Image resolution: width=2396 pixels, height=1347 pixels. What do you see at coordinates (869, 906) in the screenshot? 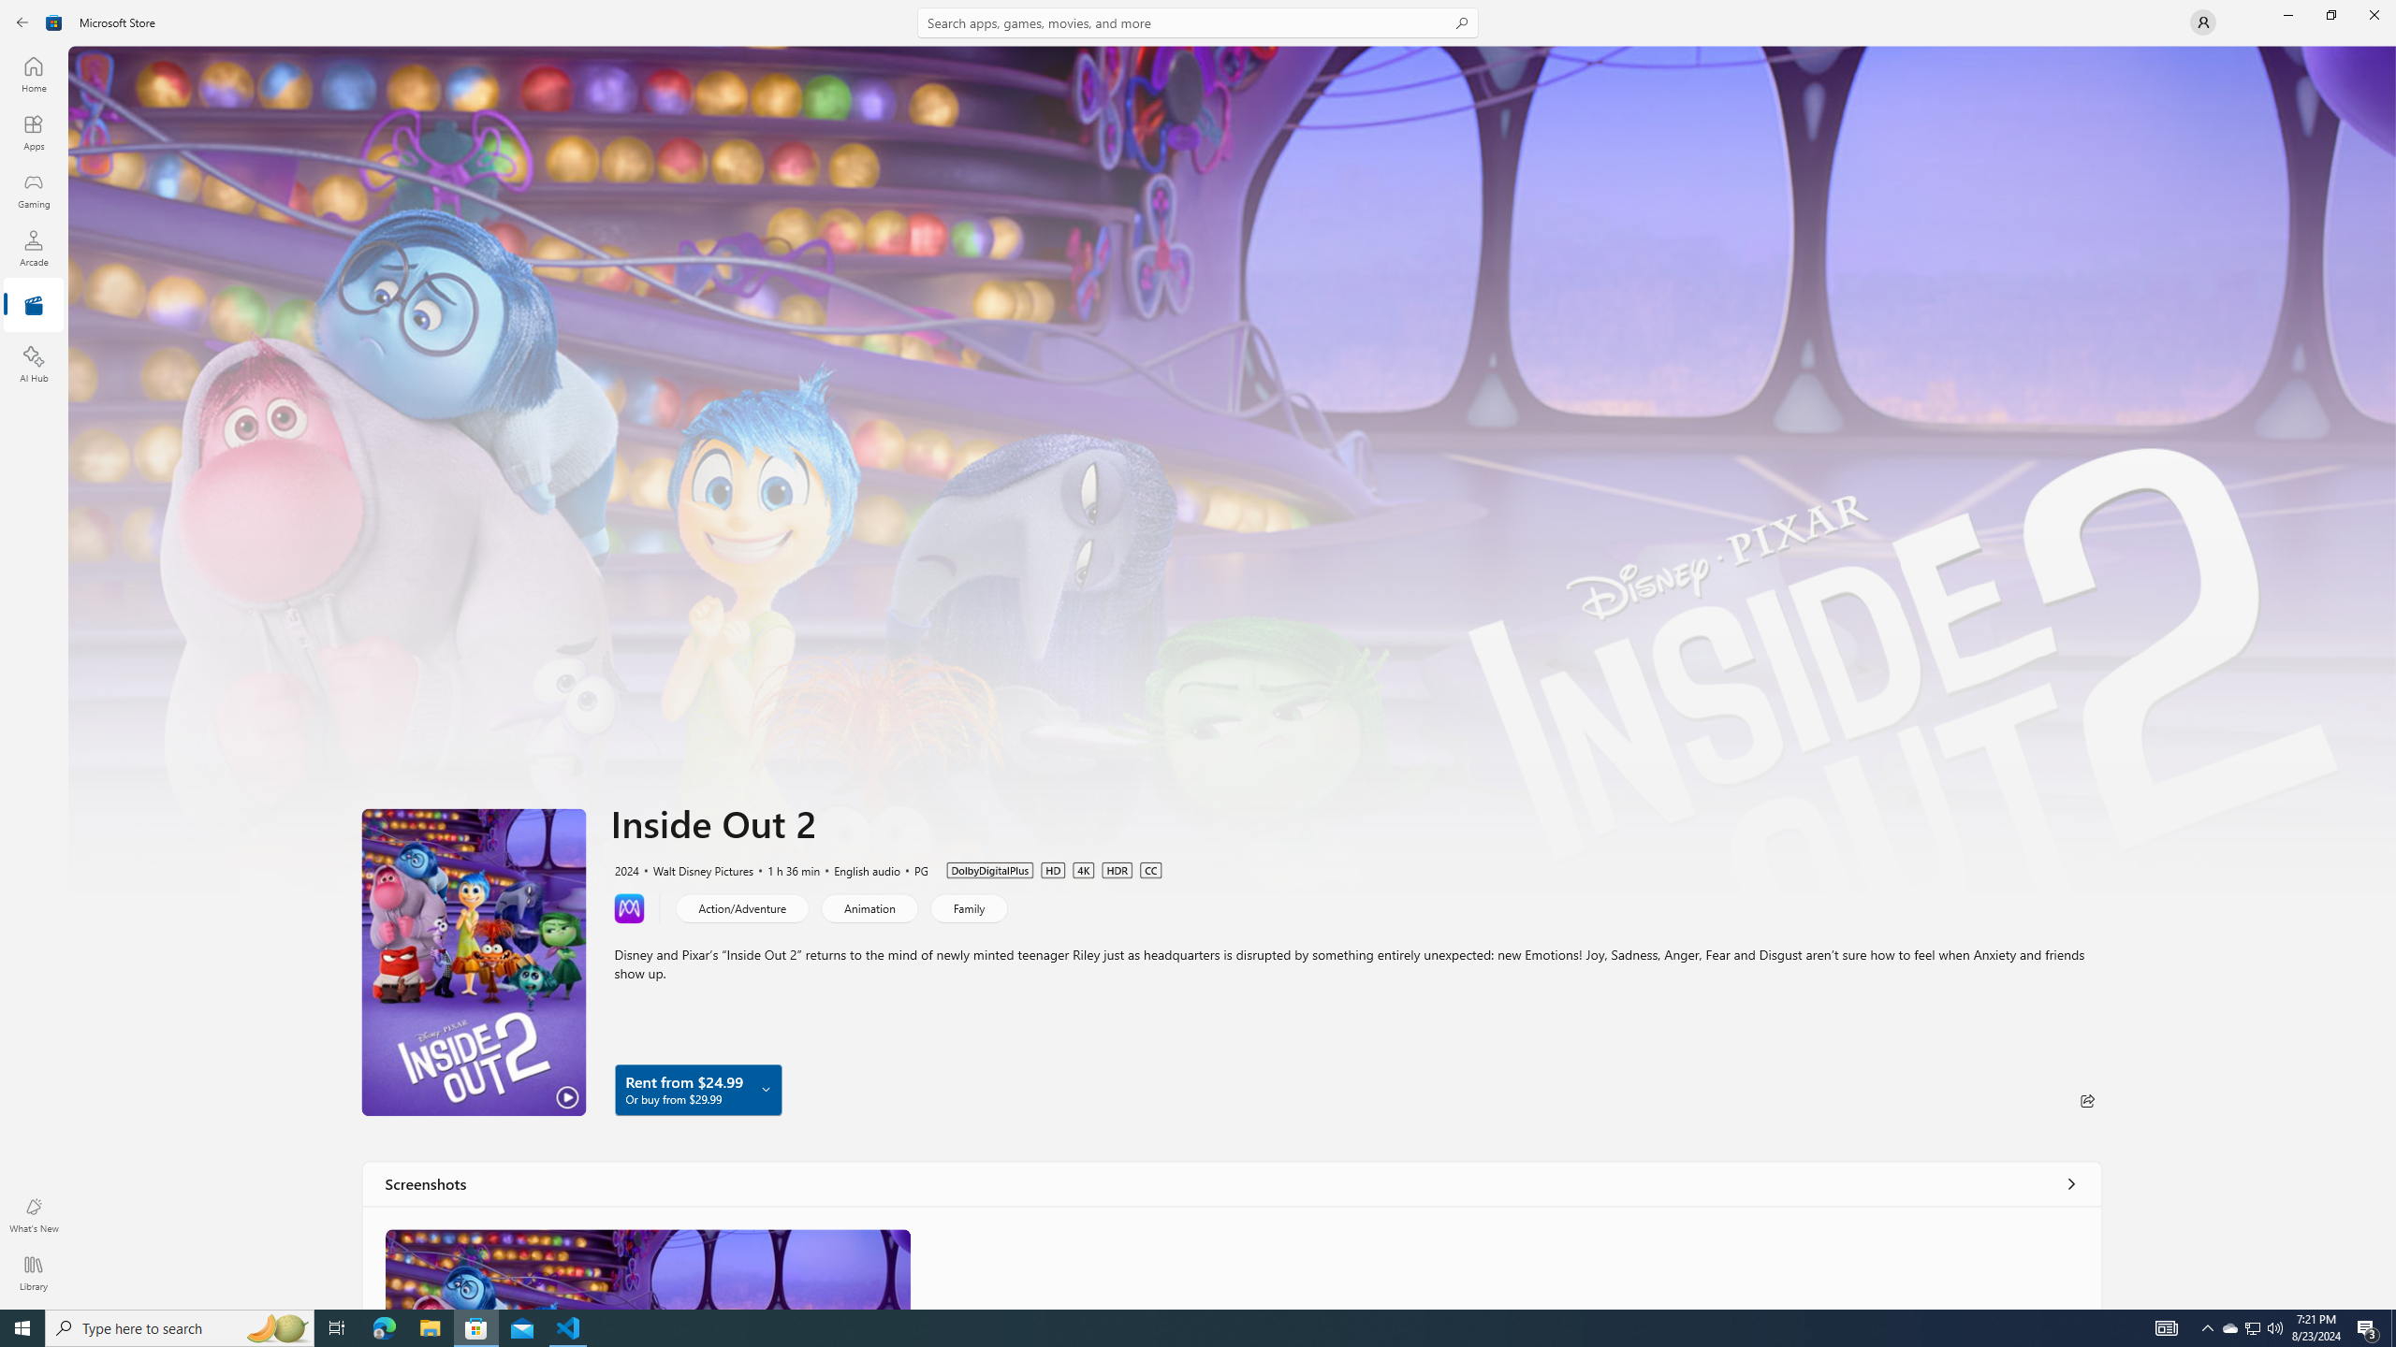
I see `'Animation'` at bounding box center [869, 906].